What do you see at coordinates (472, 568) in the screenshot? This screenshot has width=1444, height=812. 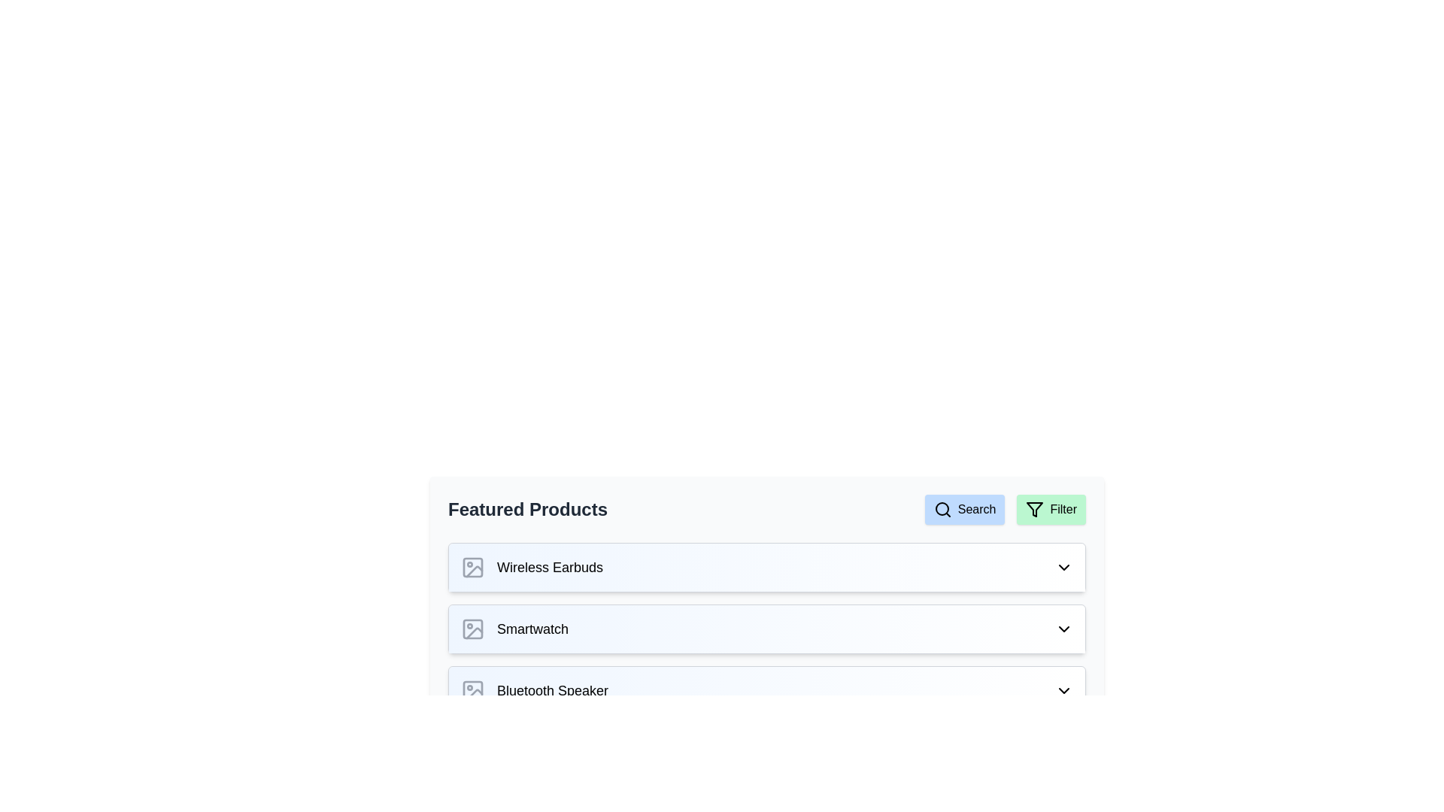 I see `the image placeholder icon with a dotted circle and diagonal line, located to the left of 'Wireless Earbuds' in the 'Featured Products' section` at bounding box center [472, 568].